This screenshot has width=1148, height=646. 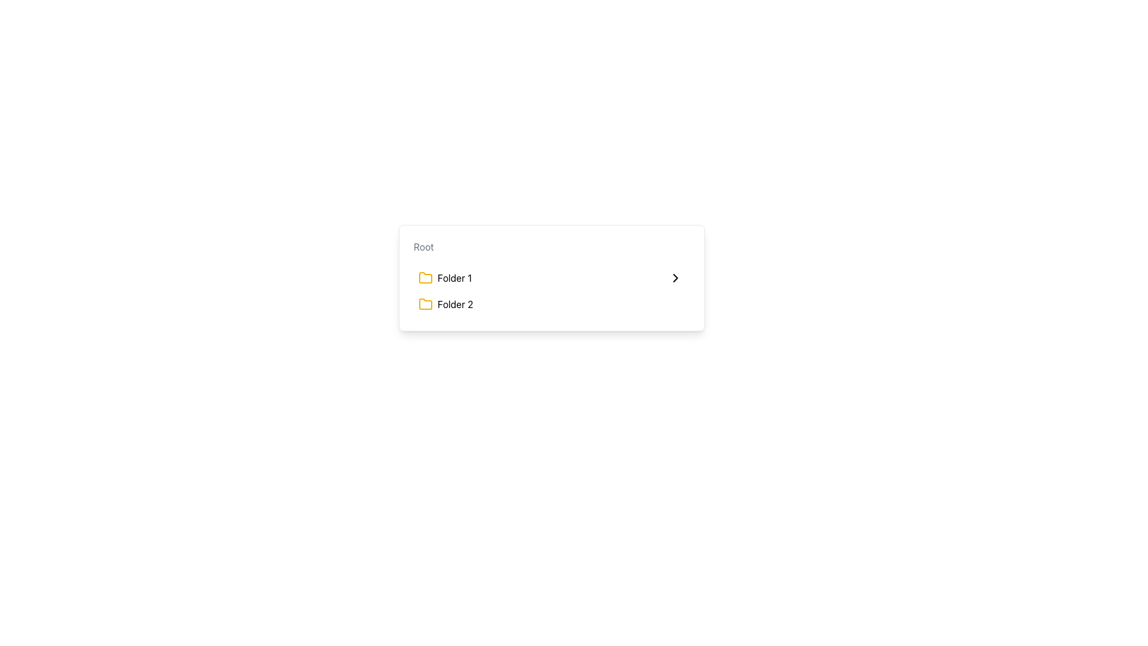 I want to click on the navigational icon located near the right edge of the 'Folder 1' list item, so click(x=675, y=278).